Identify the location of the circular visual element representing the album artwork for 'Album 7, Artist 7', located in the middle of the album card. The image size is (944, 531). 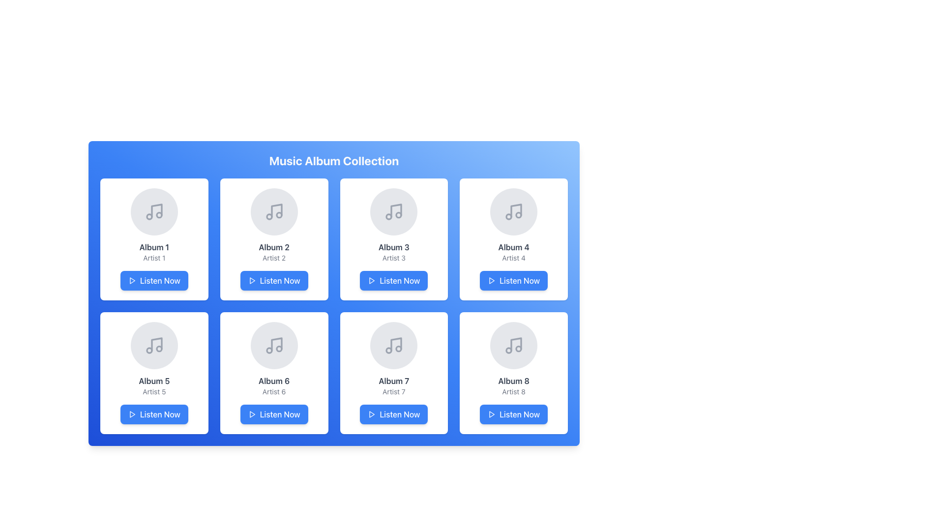
(394, 345).